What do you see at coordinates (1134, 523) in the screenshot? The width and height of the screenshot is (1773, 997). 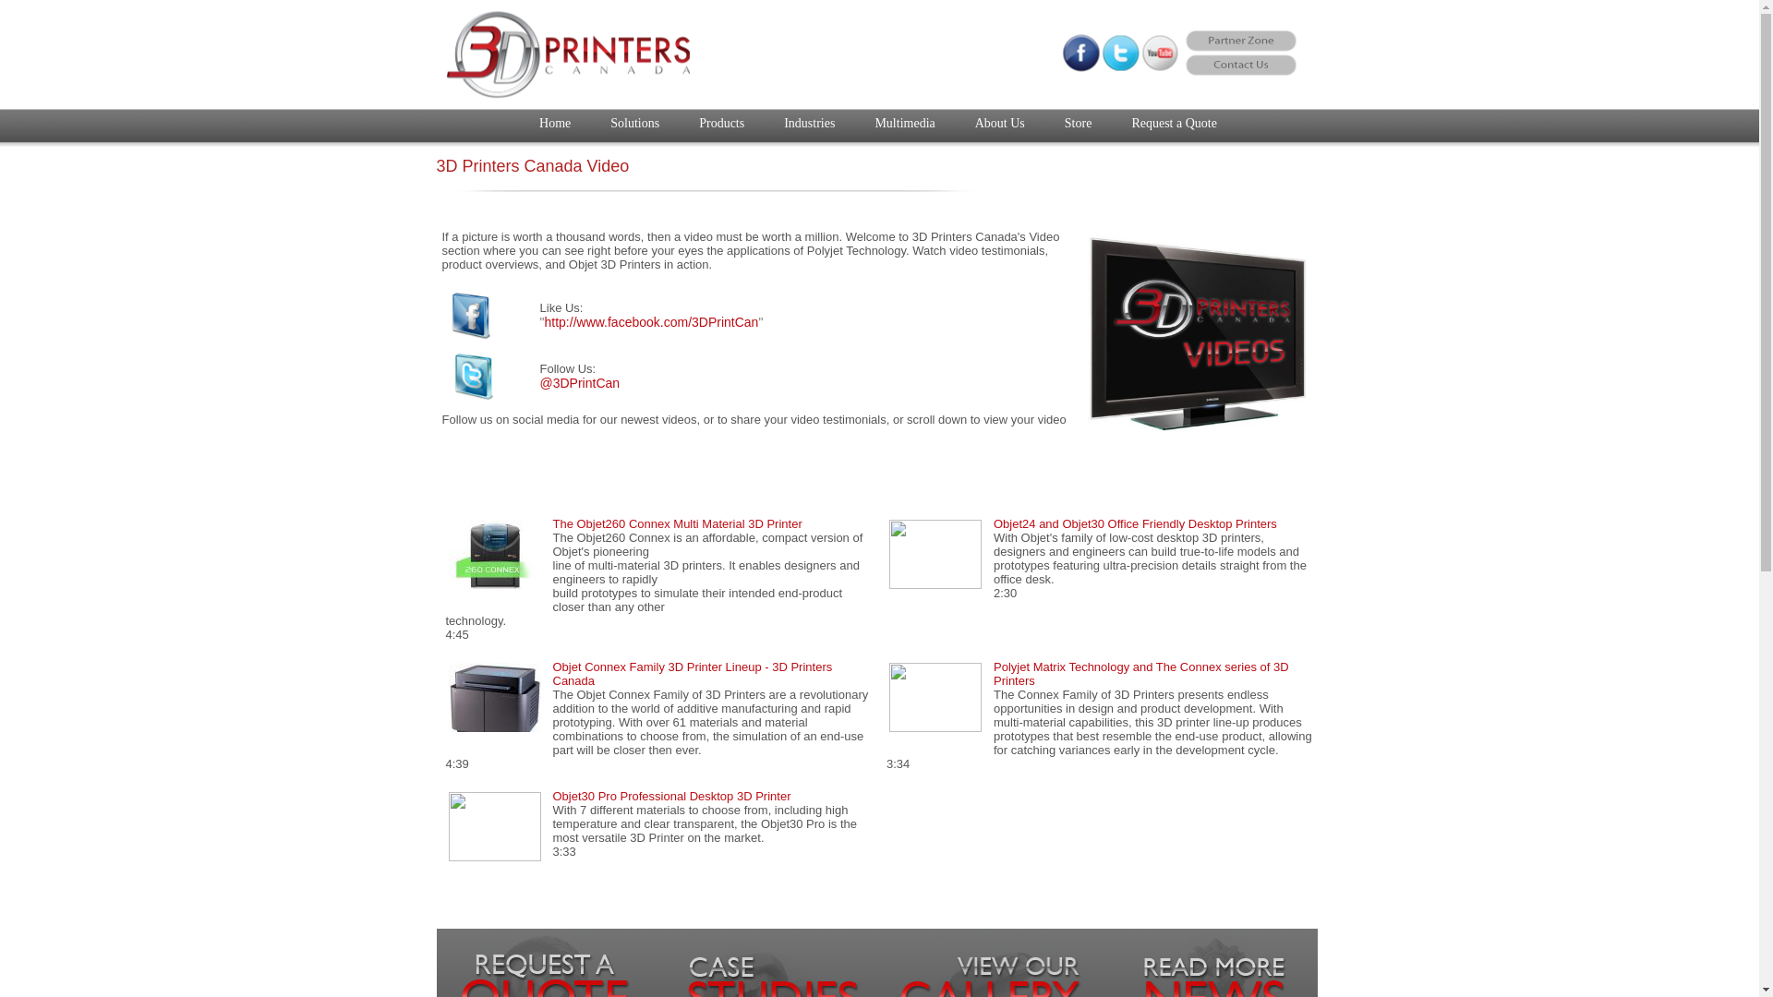 I see `'Objet24 and Objet30 Office Friendly Desktop Printers'` at bounding box center [1134, 523].